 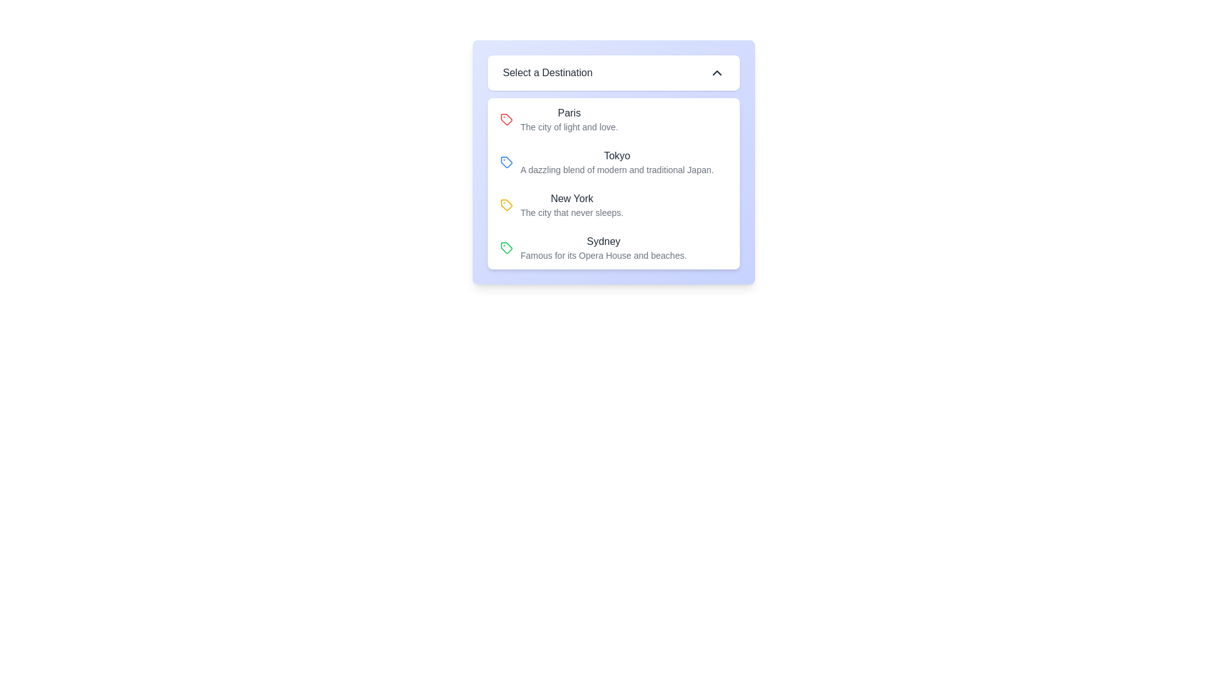 What do you see at coordinates (614, 205) in the screenshot?
I see `the third selectable item` at bounding box center [614, 205].